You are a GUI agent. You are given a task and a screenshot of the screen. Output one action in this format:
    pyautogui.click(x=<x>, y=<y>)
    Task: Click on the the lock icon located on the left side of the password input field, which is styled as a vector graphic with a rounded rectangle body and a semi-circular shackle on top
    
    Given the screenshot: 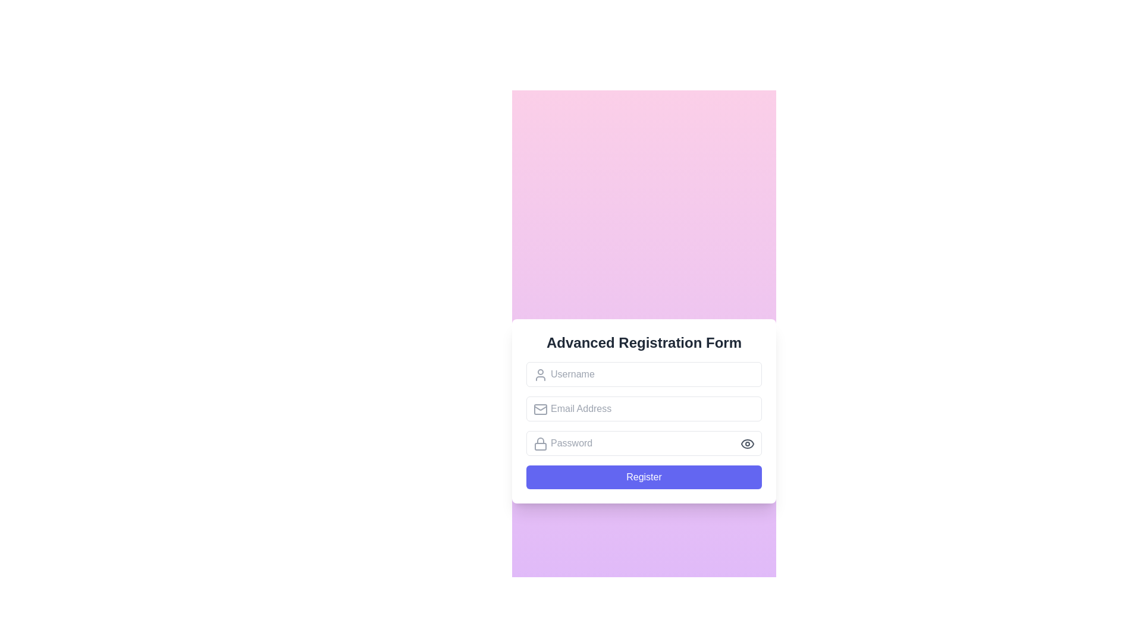 What is the action you would take?
    pyautogui.click(x=539, y=444)
    